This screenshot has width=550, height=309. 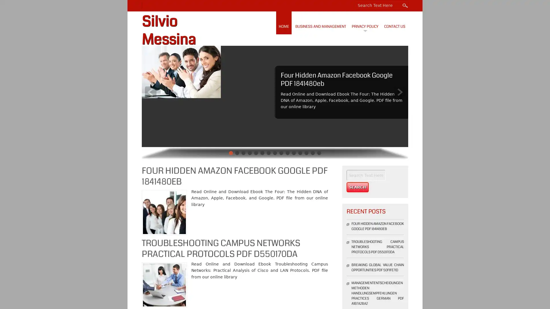 I want to click on Search, so click(x=357, y=187).